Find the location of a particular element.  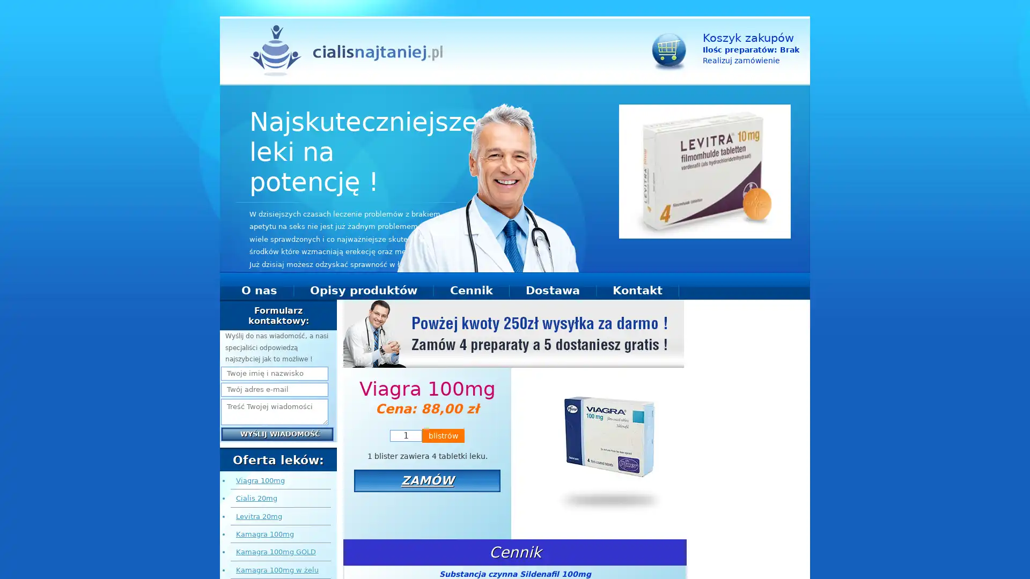

Wyslij wiadomosc is located at coordinates (277, 433).